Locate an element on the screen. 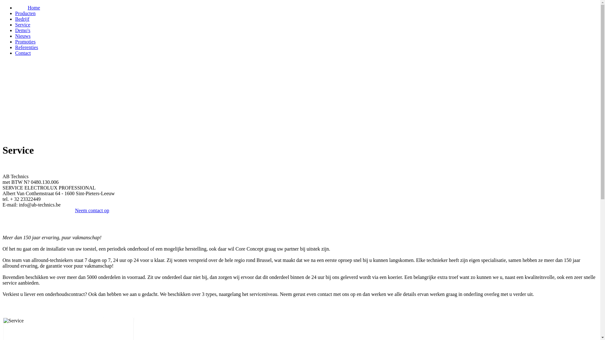 This screenshot has height=340, width=605. 'Demo's' is located at coordinates (23, 30).